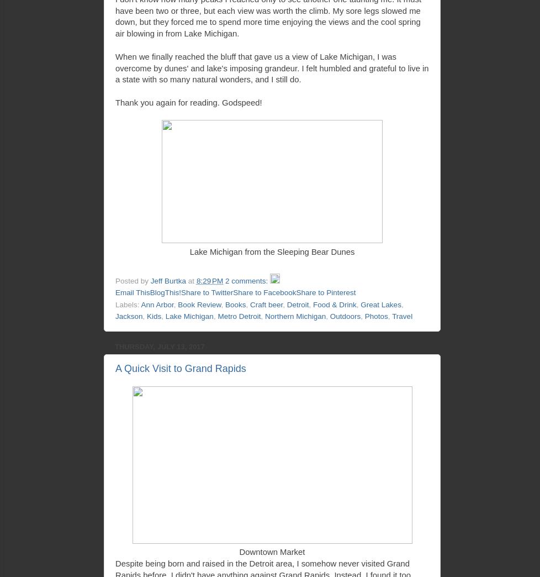 The height and width of the screenshot is (577, 540). What do you see at coordinates (402, 316) in the screenshot?
I see `'Travel'` at bounding box center [402, 316].